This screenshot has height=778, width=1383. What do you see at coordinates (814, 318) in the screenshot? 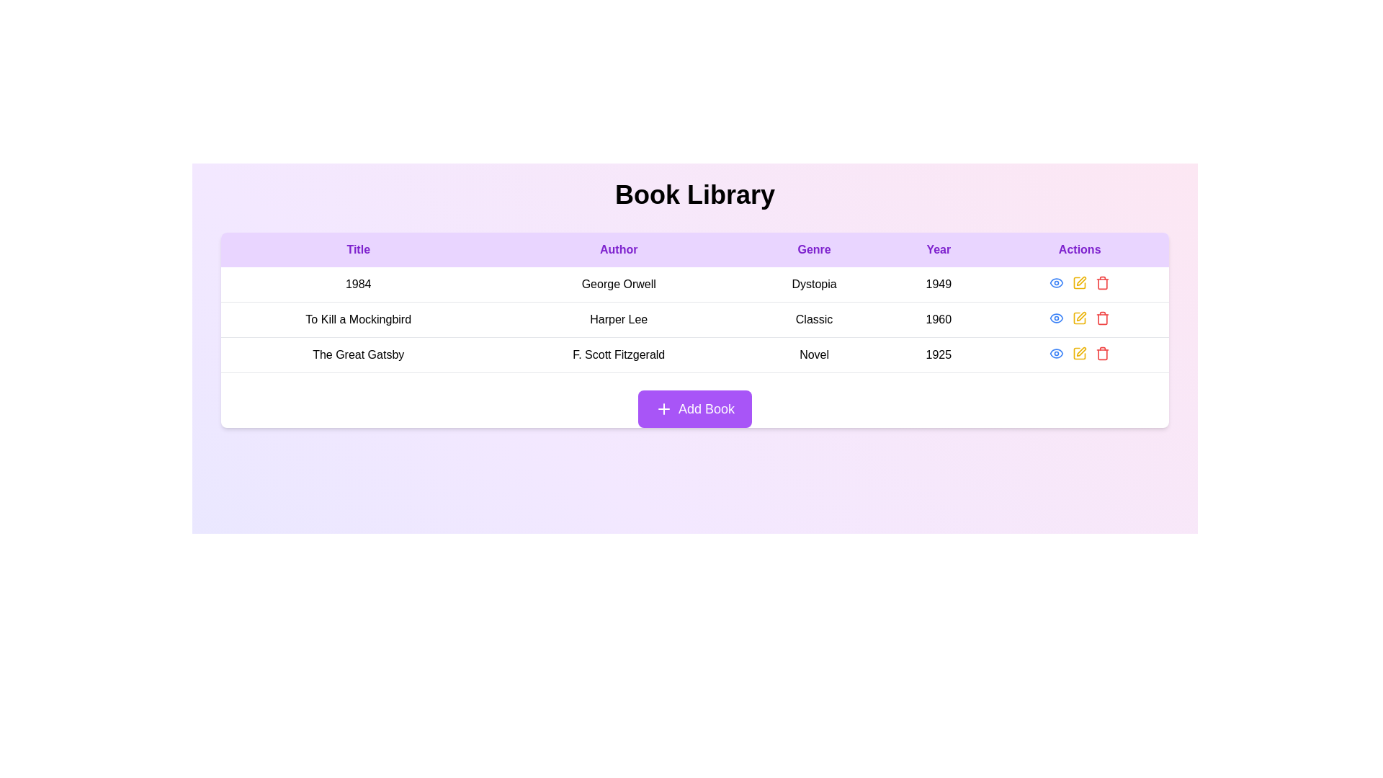
I see `the text label that contains the word 'Classic' under the 'Genre' column of the table for the book 'To Kill a Mockingbird'` at bounding box center [814, 318].